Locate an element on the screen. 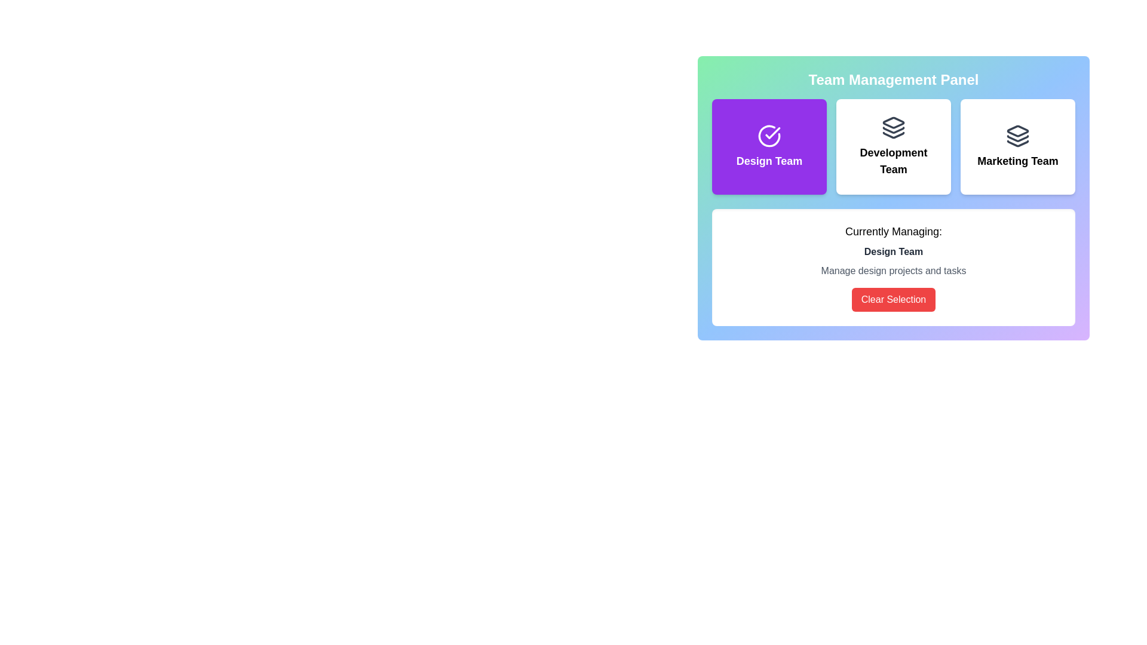  text of the label element that displays 'Currently Managing:' in bold black font, located above the 'Design Team' text and the 'Clear Selection' button is located at coordinates (894, 232).